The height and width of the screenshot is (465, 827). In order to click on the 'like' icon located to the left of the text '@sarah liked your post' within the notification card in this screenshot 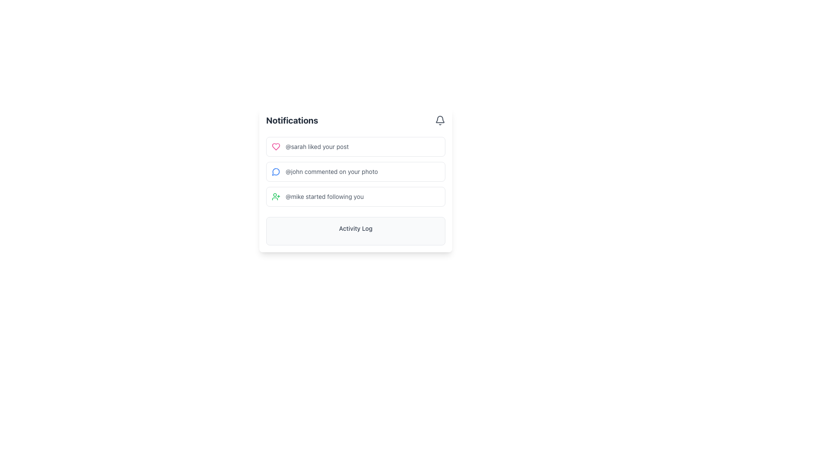, I will do `click(276, 146)`.